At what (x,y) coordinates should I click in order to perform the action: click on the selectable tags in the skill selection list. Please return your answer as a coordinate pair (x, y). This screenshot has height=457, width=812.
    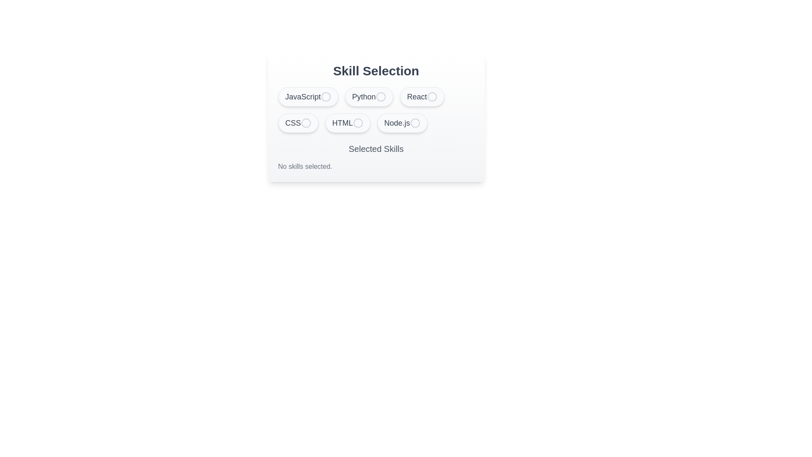
    Looking at the image, I should click on (376, 109).